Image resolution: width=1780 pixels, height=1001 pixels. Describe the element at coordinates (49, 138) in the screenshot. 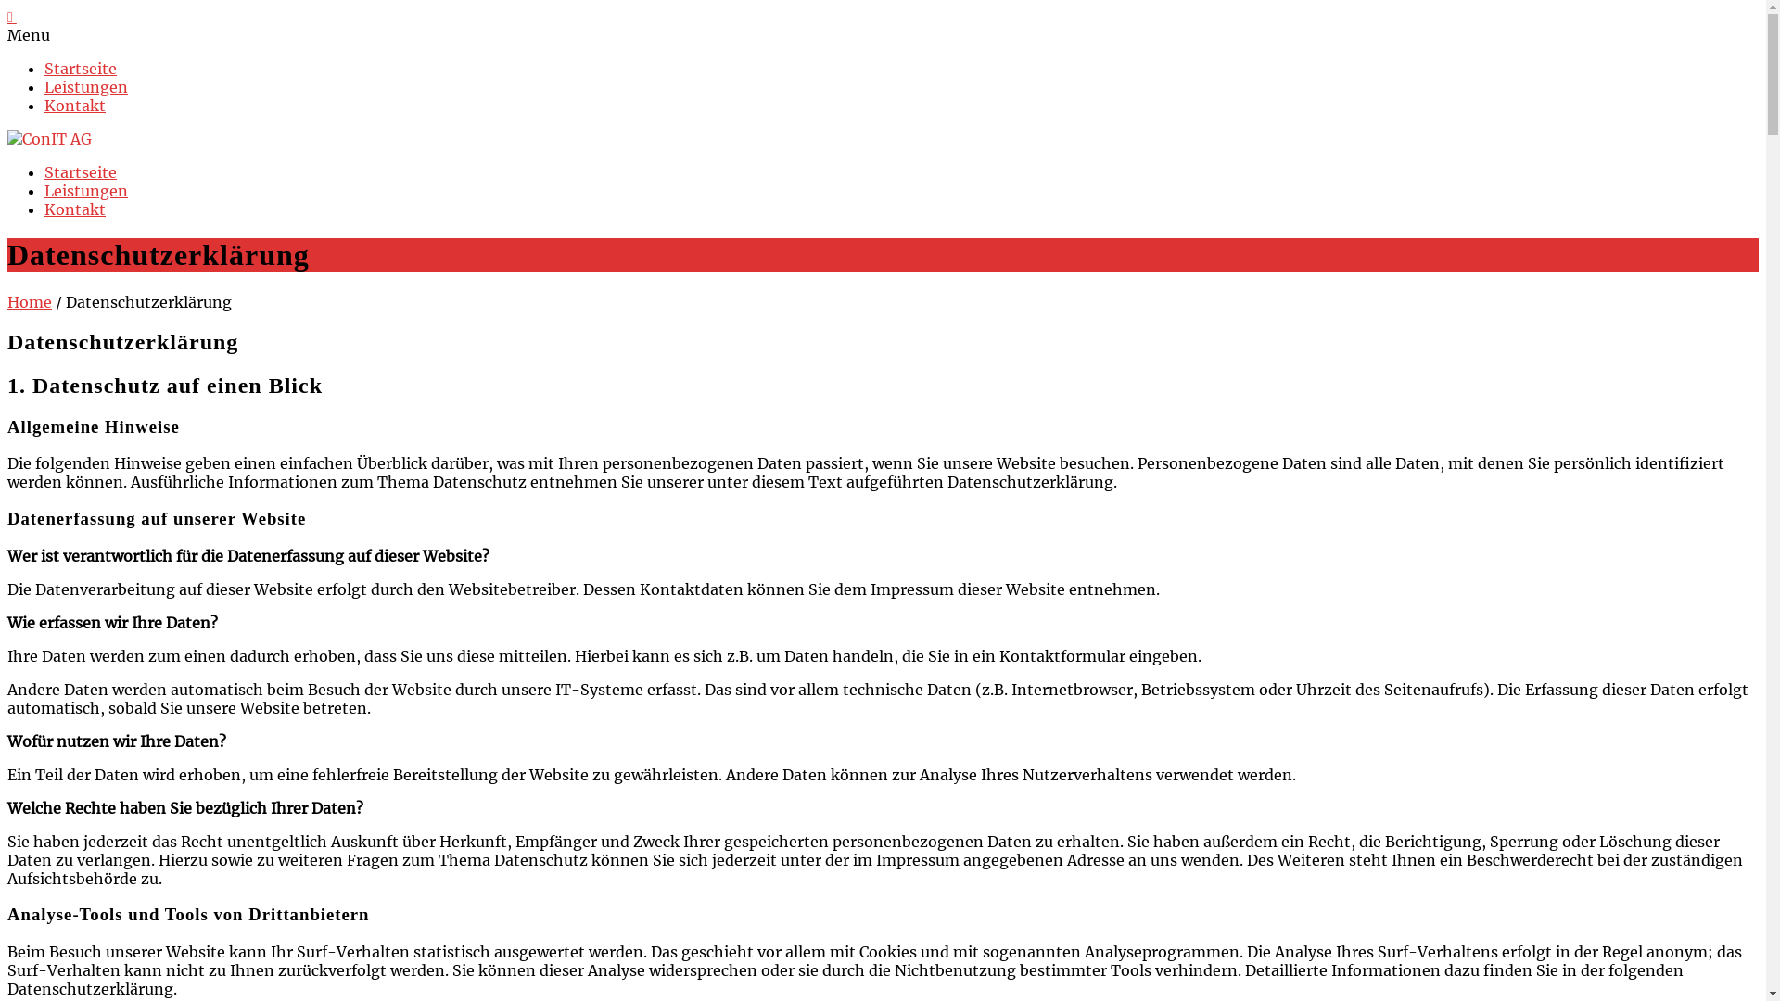

I see `'ConIT AG'` at that location.